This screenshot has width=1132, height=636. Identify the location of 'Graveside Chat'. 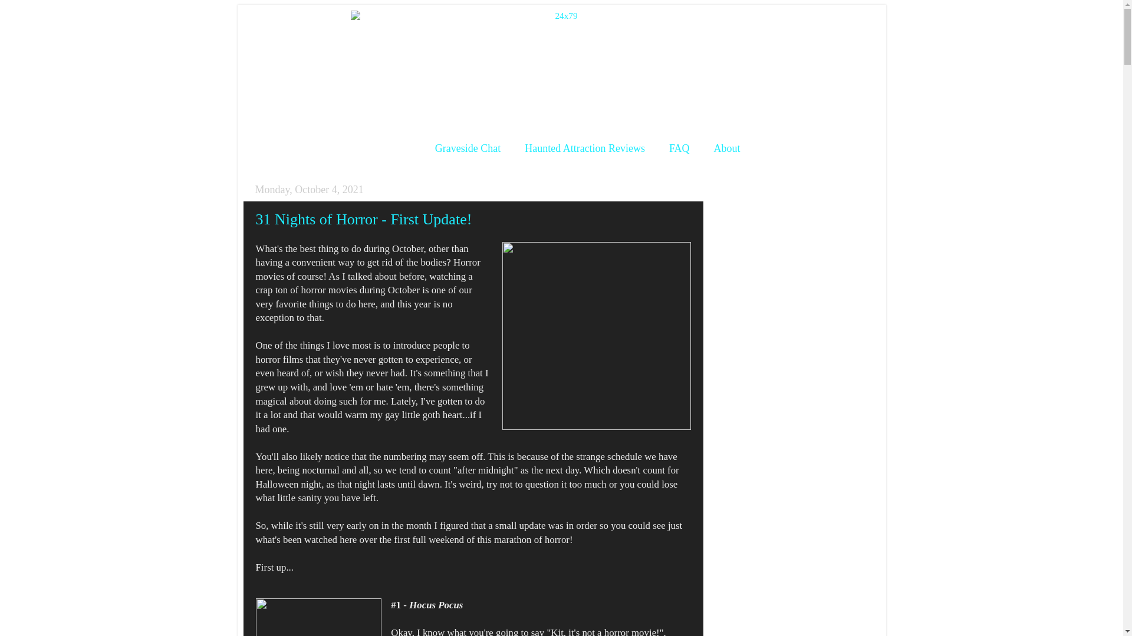
(467, 148).